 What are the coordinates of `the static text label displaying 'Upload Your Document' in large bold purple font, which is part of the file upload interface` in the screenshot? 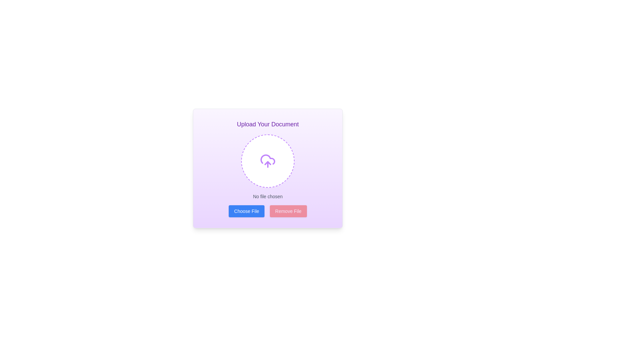 It's located at (268, 124).